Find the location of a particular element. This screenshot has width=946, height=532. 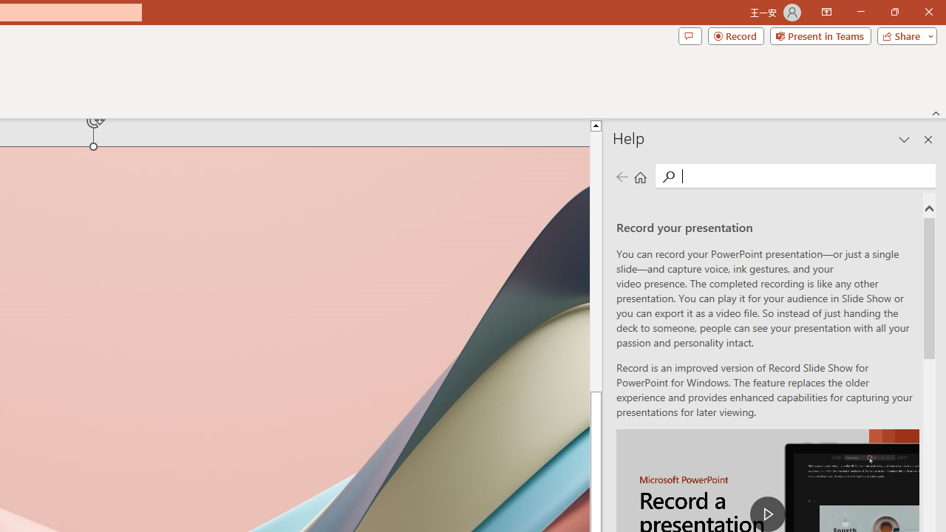

'Comments' is located at coordinates (689, 35).